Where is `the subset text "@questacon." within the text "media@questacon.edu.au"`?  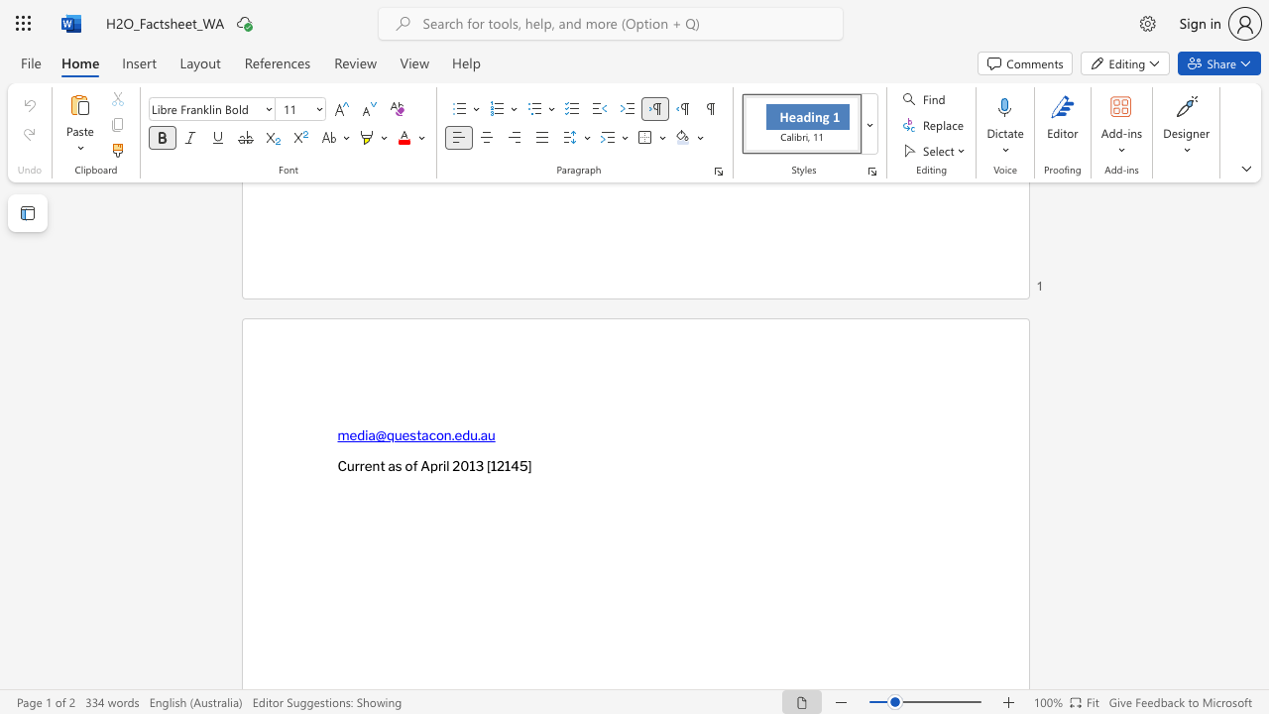 the subset text "@questacon." within the text "media@questacon.edu.au" is located at coordinates (375, 434).